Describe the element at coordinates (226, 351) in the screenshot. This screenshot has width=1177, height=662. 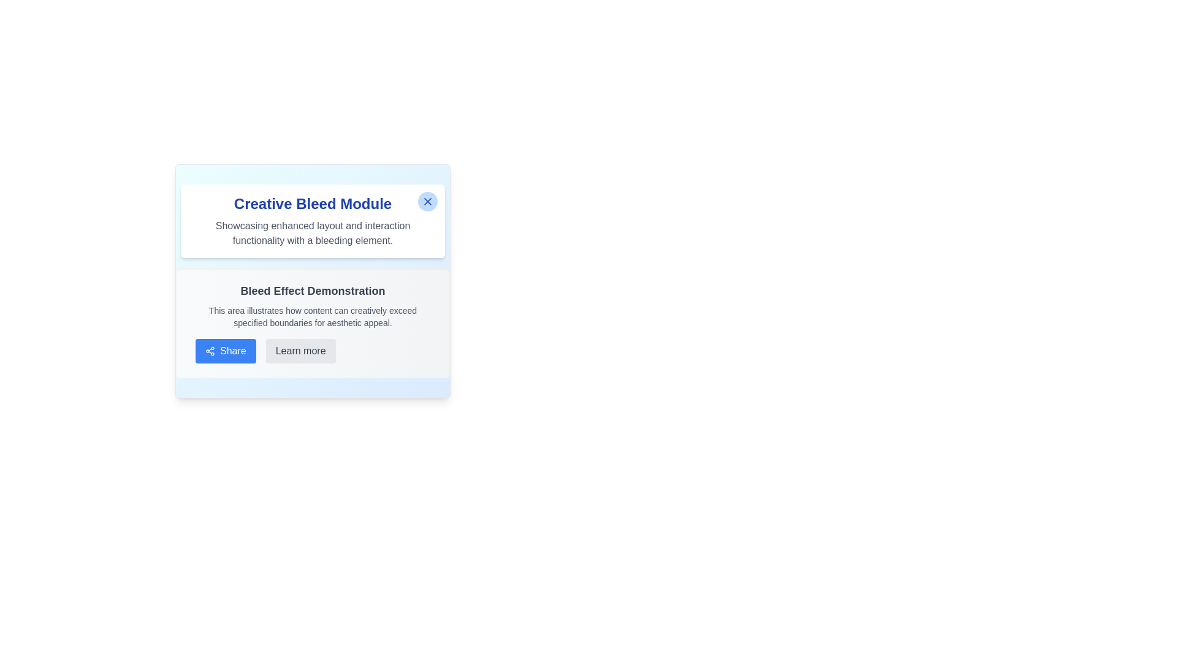
I see `the 'Share' button, which is a rectangular button with rounded edges, blue background, and white text, to observe the hover effect` at that location.